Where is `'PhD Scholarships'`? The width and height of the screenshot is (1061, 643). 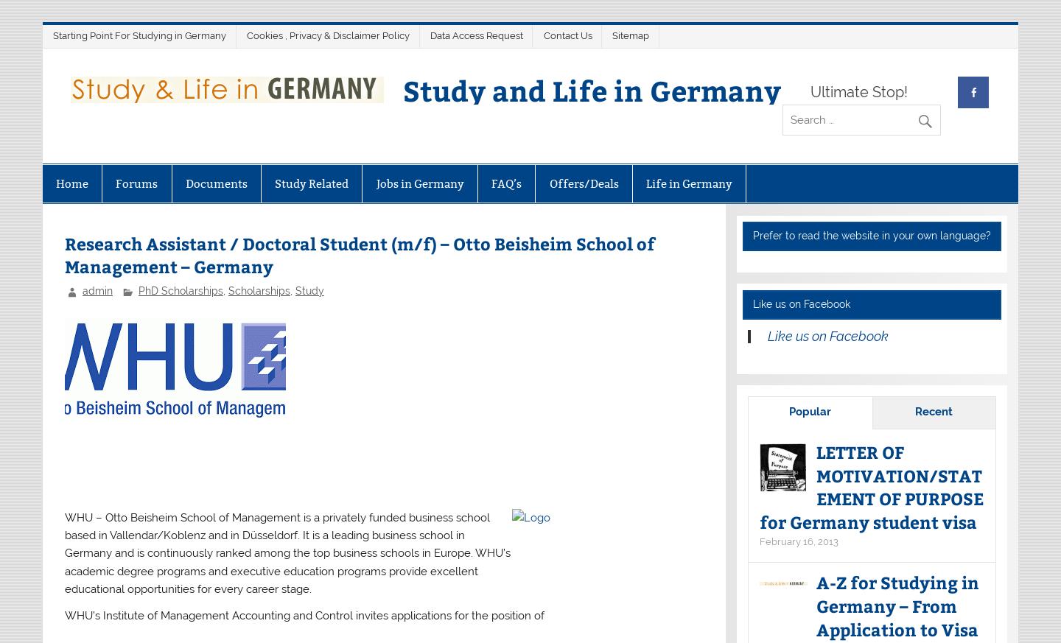
'PhD Scholarships' is located at coordinates (179, 290).